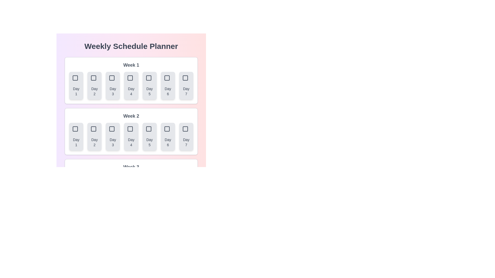 This screenshot has width=495, height=278. I want to click on the button corresponding to Week 1 and Day 5 to select that day, so click(149, 85).